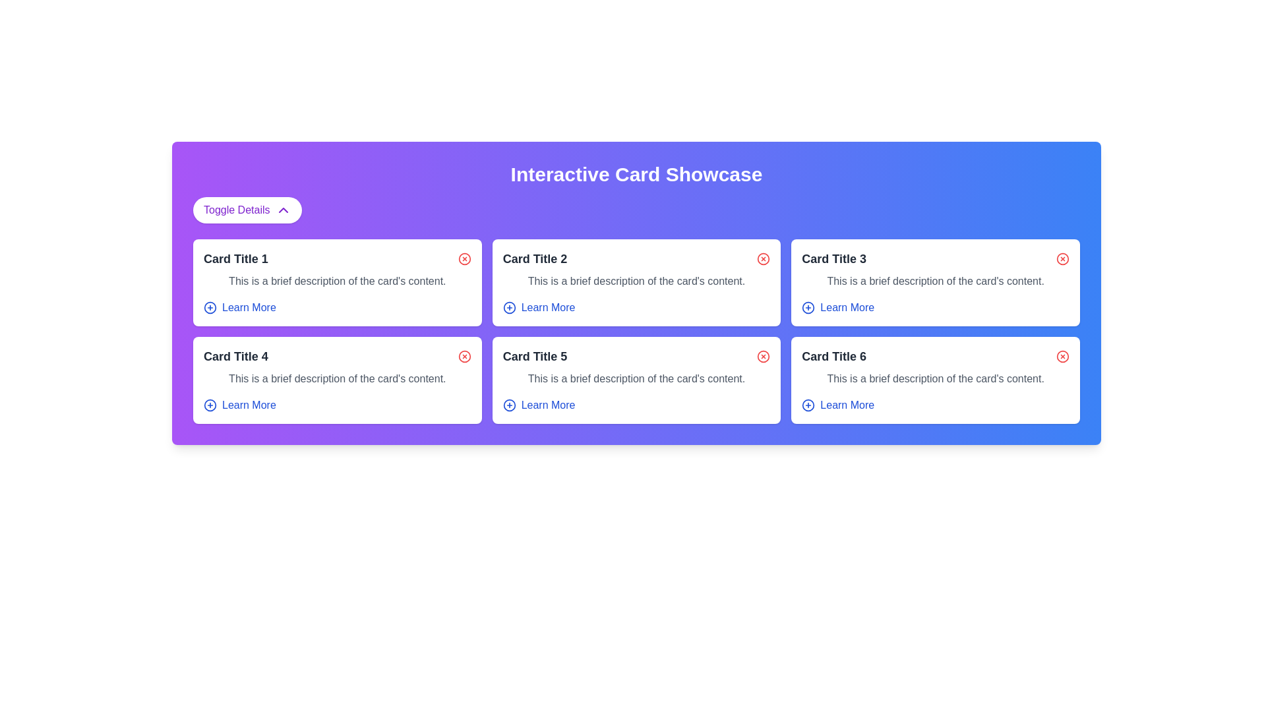 The width and height of the screenshot is (1266, 712). Describe the element at coordinates (764, 356) in the screenshot. I see `the dismiss button located at the top-right corner of the 'Card Title 5' card` at that location.